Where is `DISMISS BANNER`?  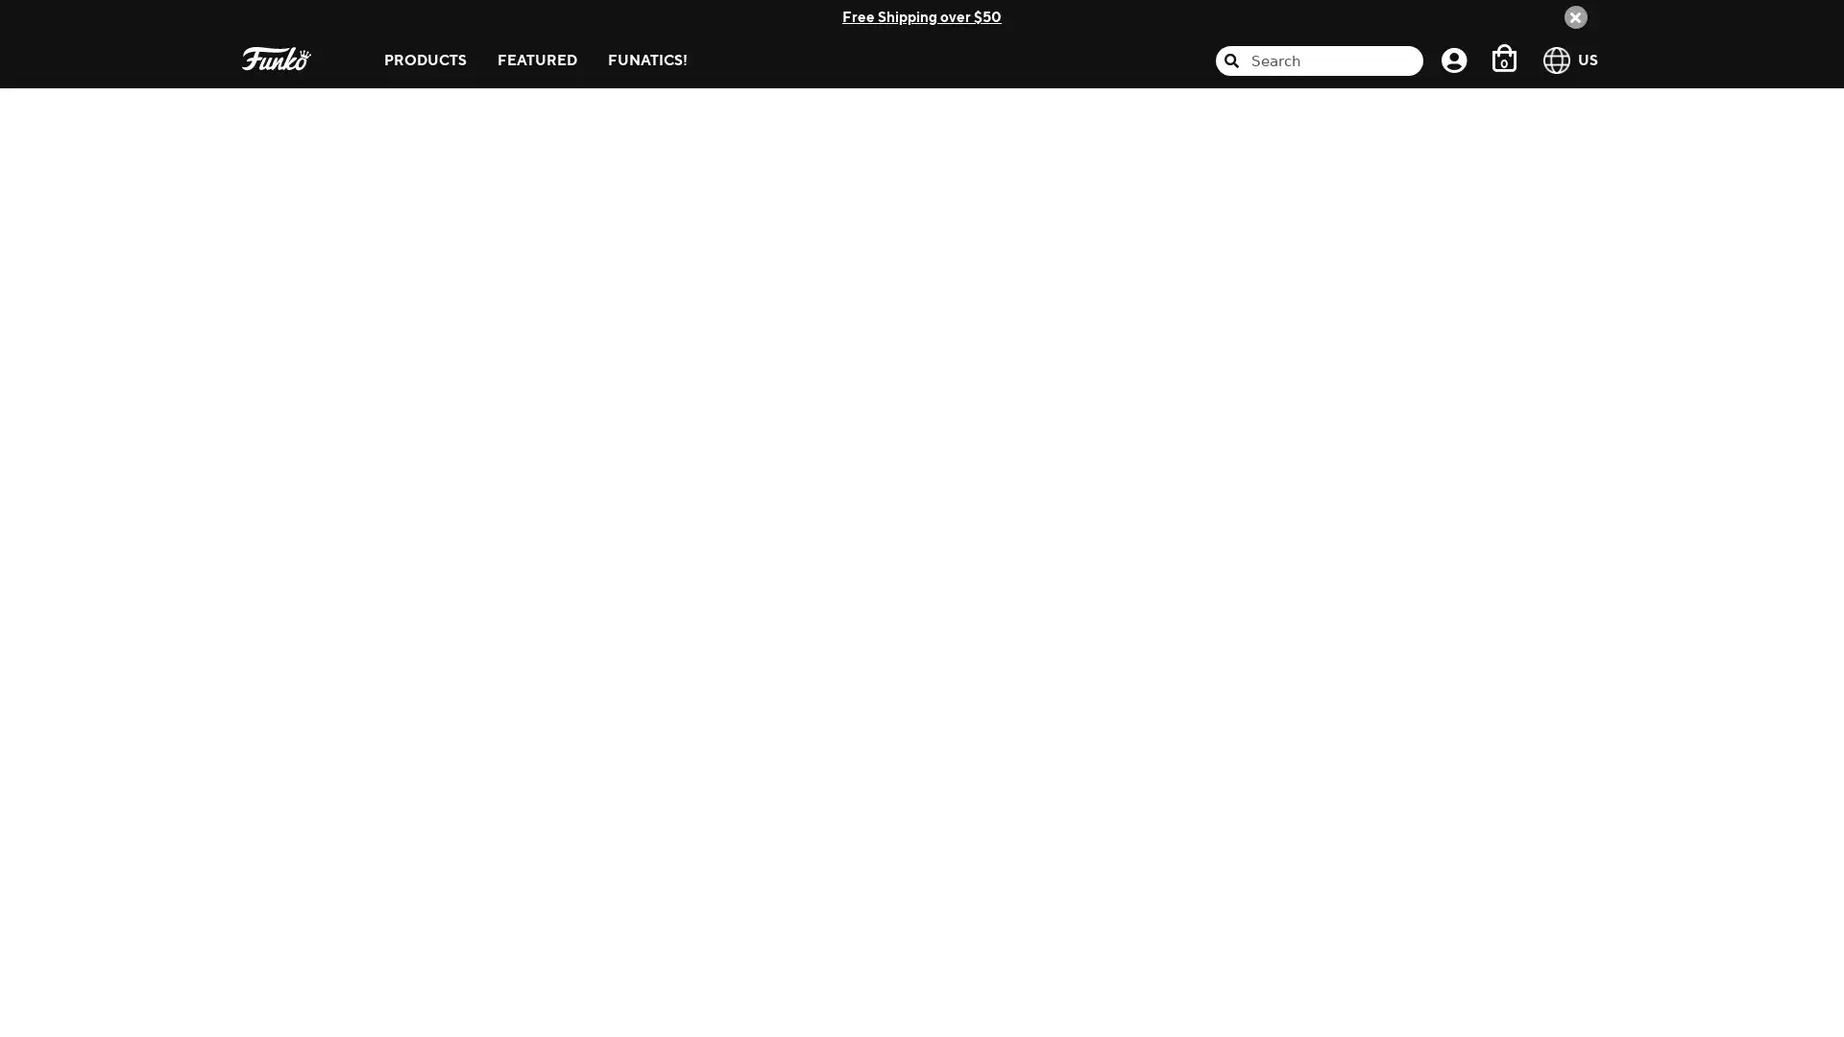 DISMISS BANNER is located at coordinates (1575, 15).